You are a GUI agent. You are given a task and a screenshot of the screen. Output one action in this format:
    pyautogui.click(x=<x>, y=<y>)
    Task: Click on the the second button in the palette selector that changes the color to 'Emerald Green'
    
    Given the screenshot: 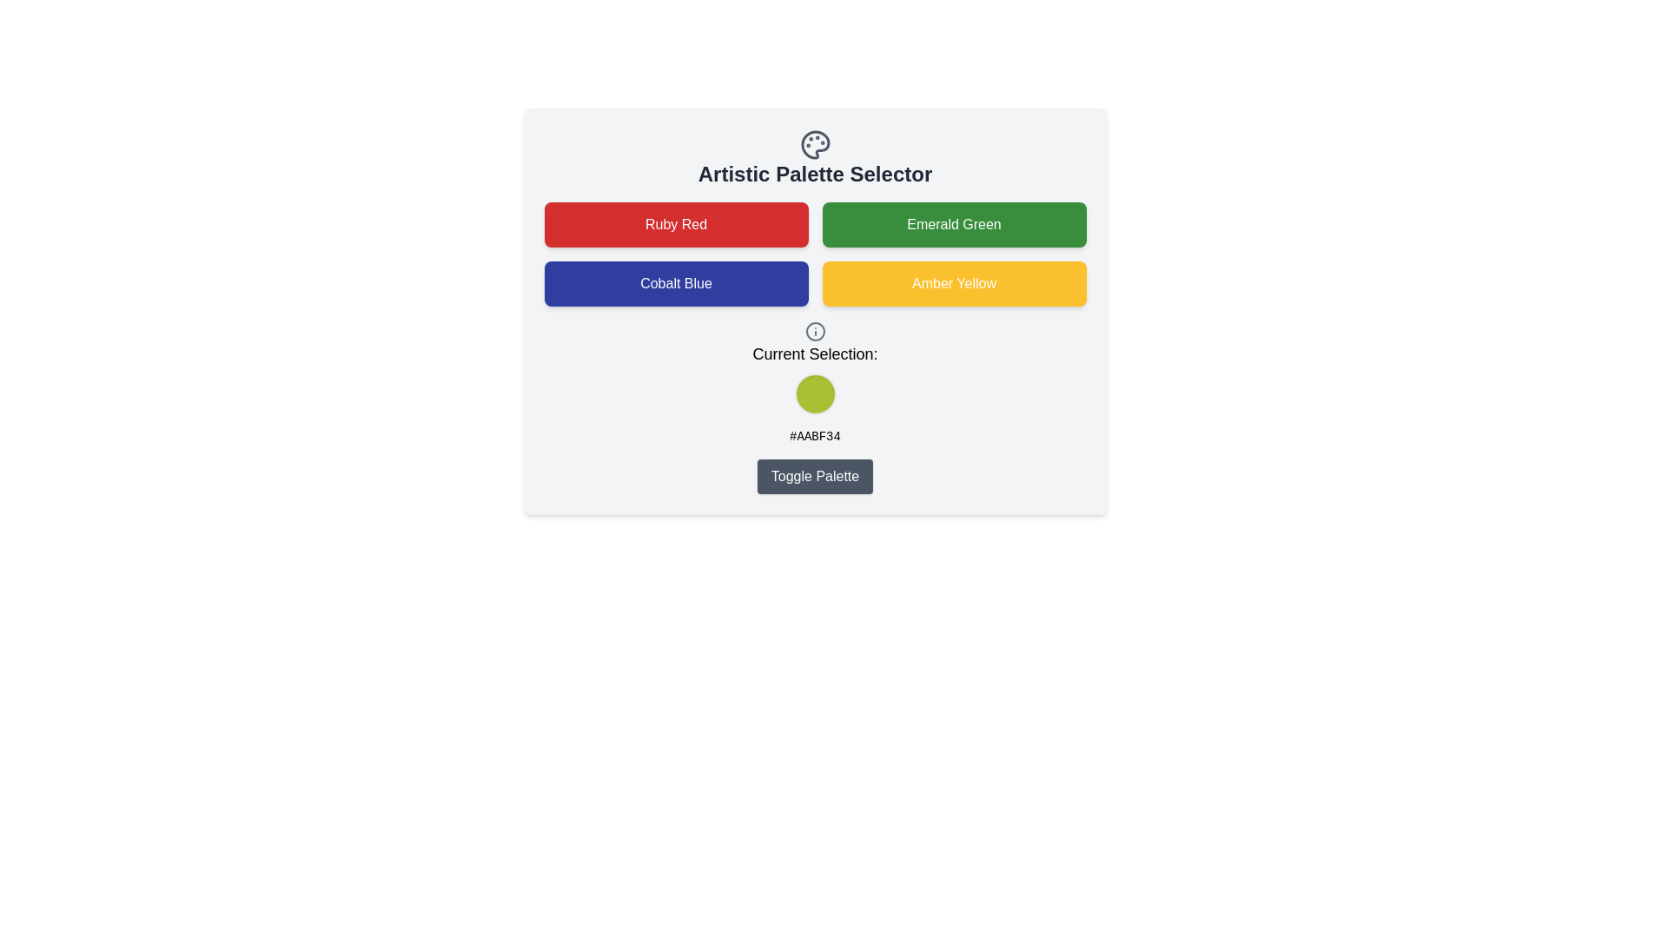 What is the action you would take?
    pyautogui.click(x=953, y=223)
    